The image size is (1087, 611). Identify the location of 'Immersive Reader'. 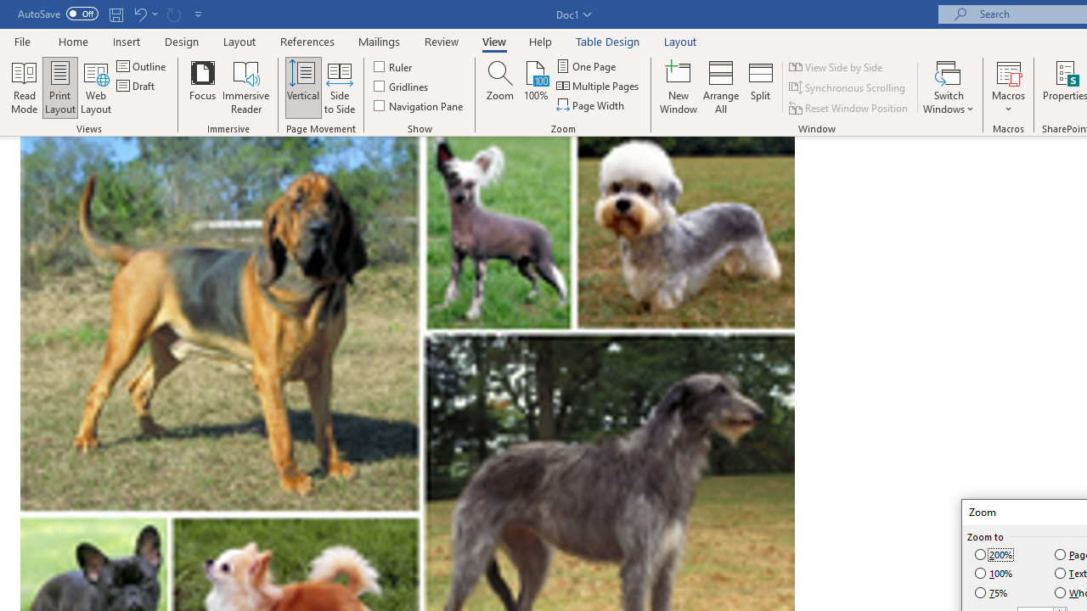
(245, 87).